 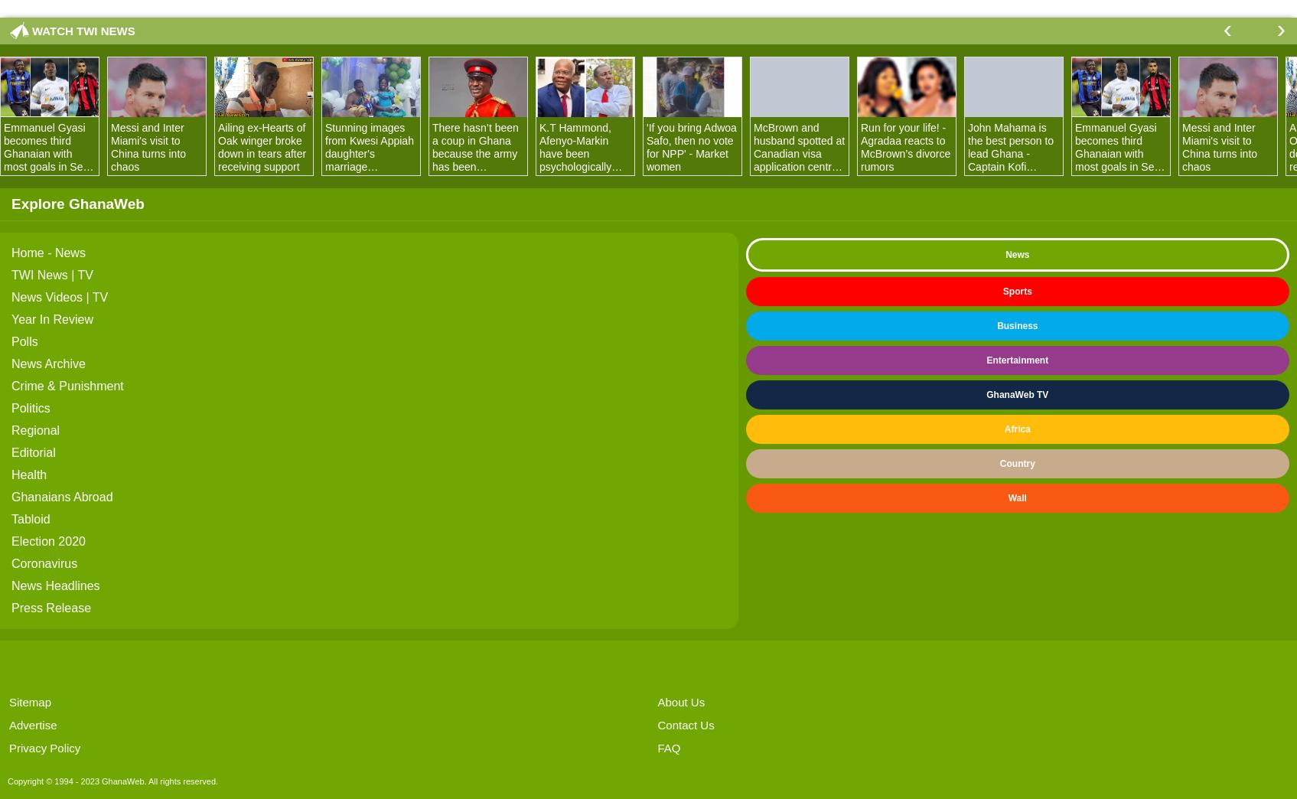 I want to click on 'News', so click(x=1017, y=255).